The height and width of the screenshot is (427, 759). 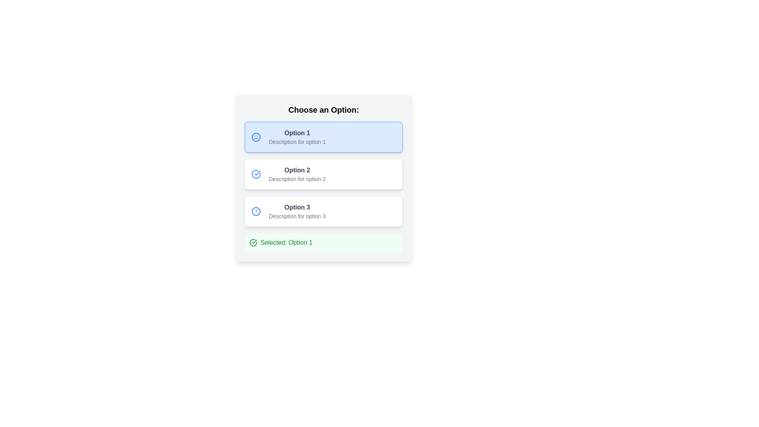 I want to click on the circular smiley face icon located in the top-left corner of the list item labeled 'Option 1', which is within a blue-themed section, so click(x=258, y=137).